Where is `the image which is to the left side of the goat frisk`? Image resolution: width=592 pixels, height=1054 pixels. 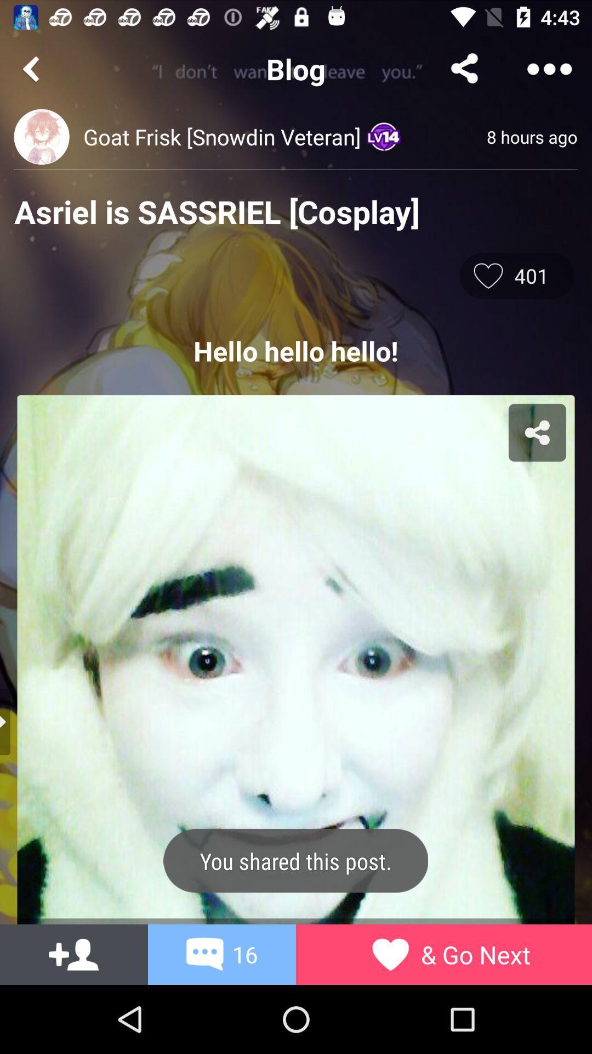
the image which is to the left side of the goat frisk is located at coordinates (41, 136).